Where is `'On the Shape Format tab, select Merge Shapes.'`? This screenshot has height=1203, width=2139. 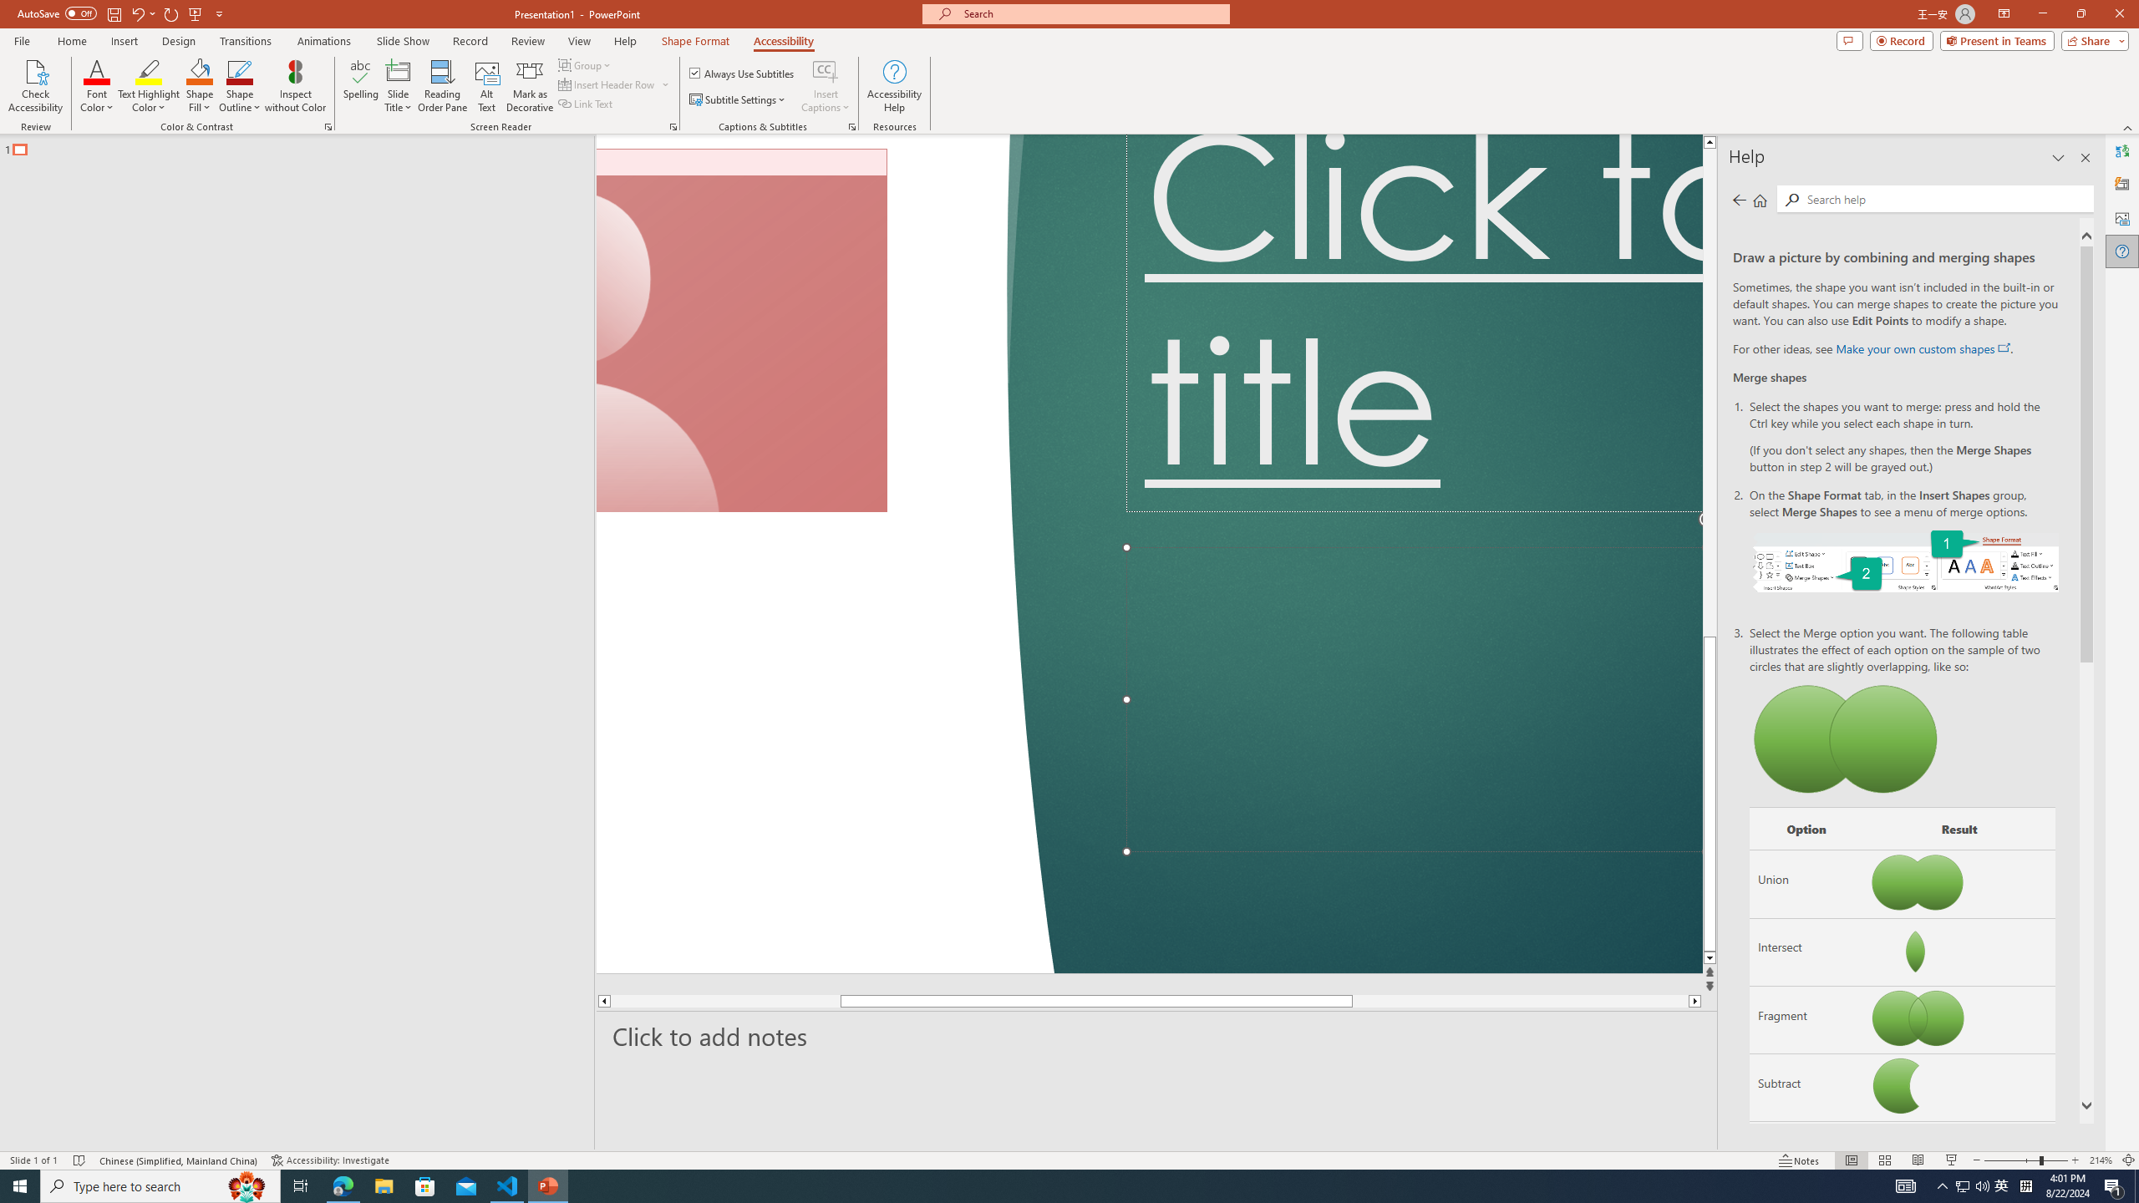 'On the Shape Format tab, select Merge Shapes.' is located at coordinates (1904, 560).